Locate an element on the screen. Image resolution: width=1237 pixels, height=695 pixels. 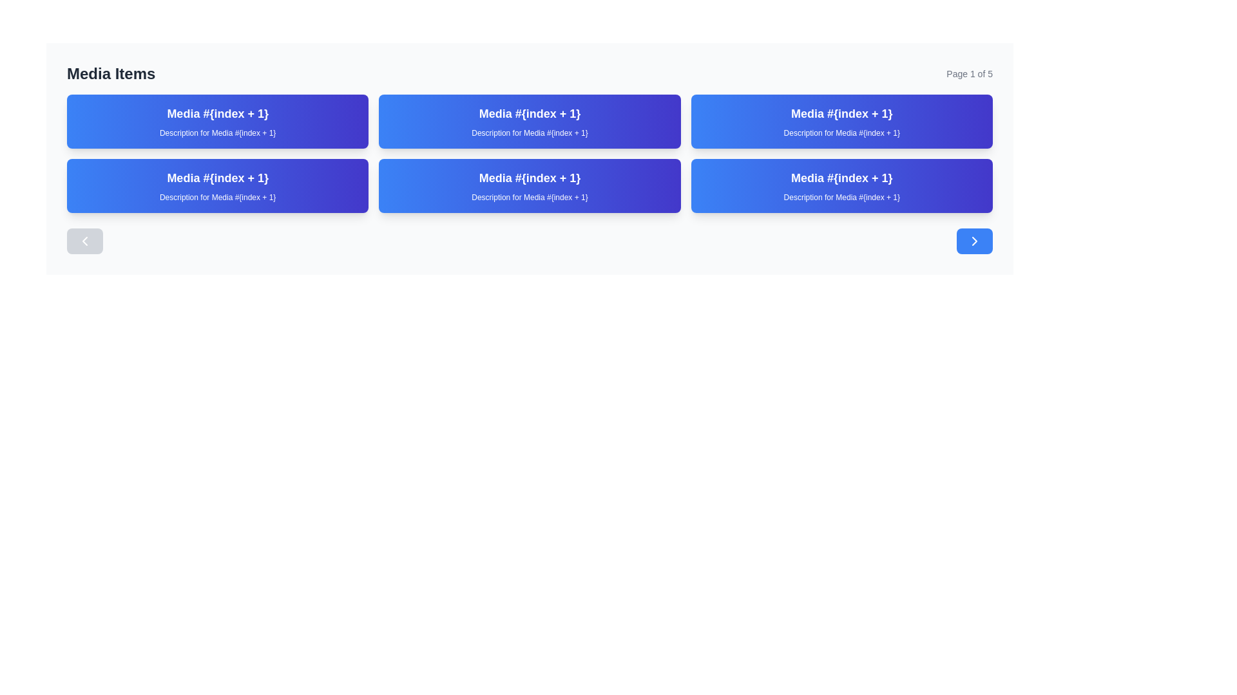
the third information card in the first row, which features a gradient background from blue to indigo and contains white text is located at coordinates (841, 122).